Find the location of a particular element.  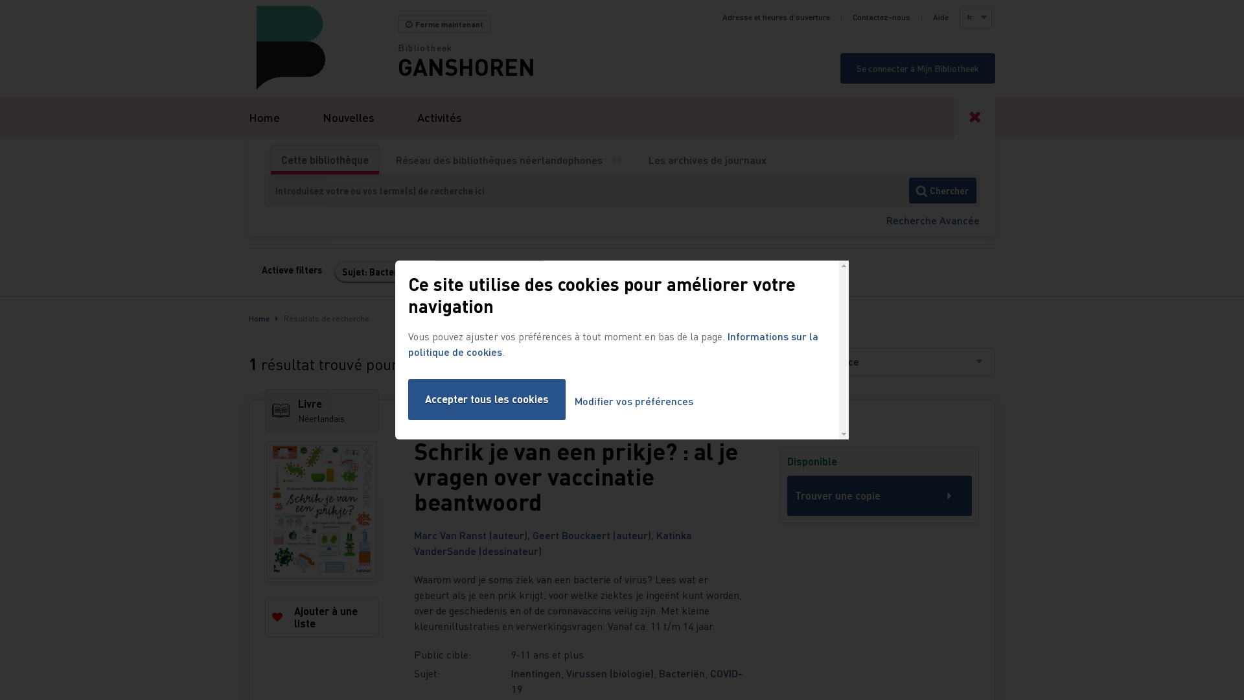

'COVID-19' is located at coordinates (627, 680).